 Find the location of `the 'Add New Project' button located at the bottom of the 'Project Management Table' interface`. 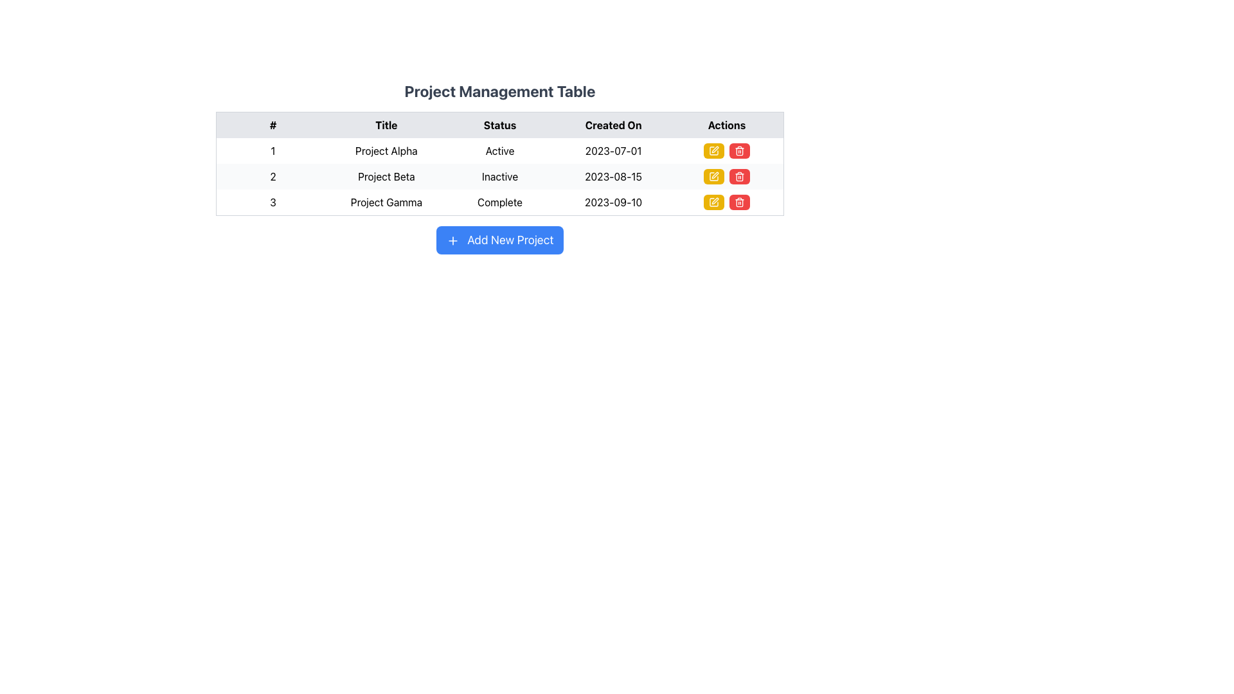

the 'Add New Project' button located at the bottom of the 'Project Management Table' interface is located at coordinates (499, 240).